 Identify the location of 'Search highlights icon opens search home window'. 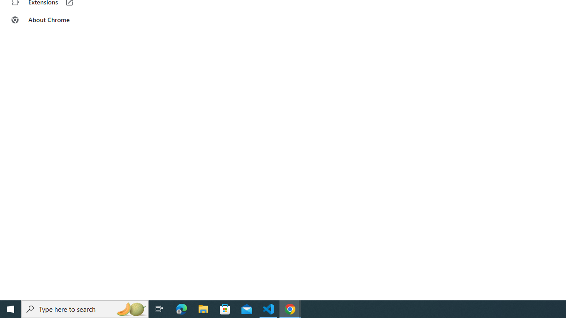
(130, 308).